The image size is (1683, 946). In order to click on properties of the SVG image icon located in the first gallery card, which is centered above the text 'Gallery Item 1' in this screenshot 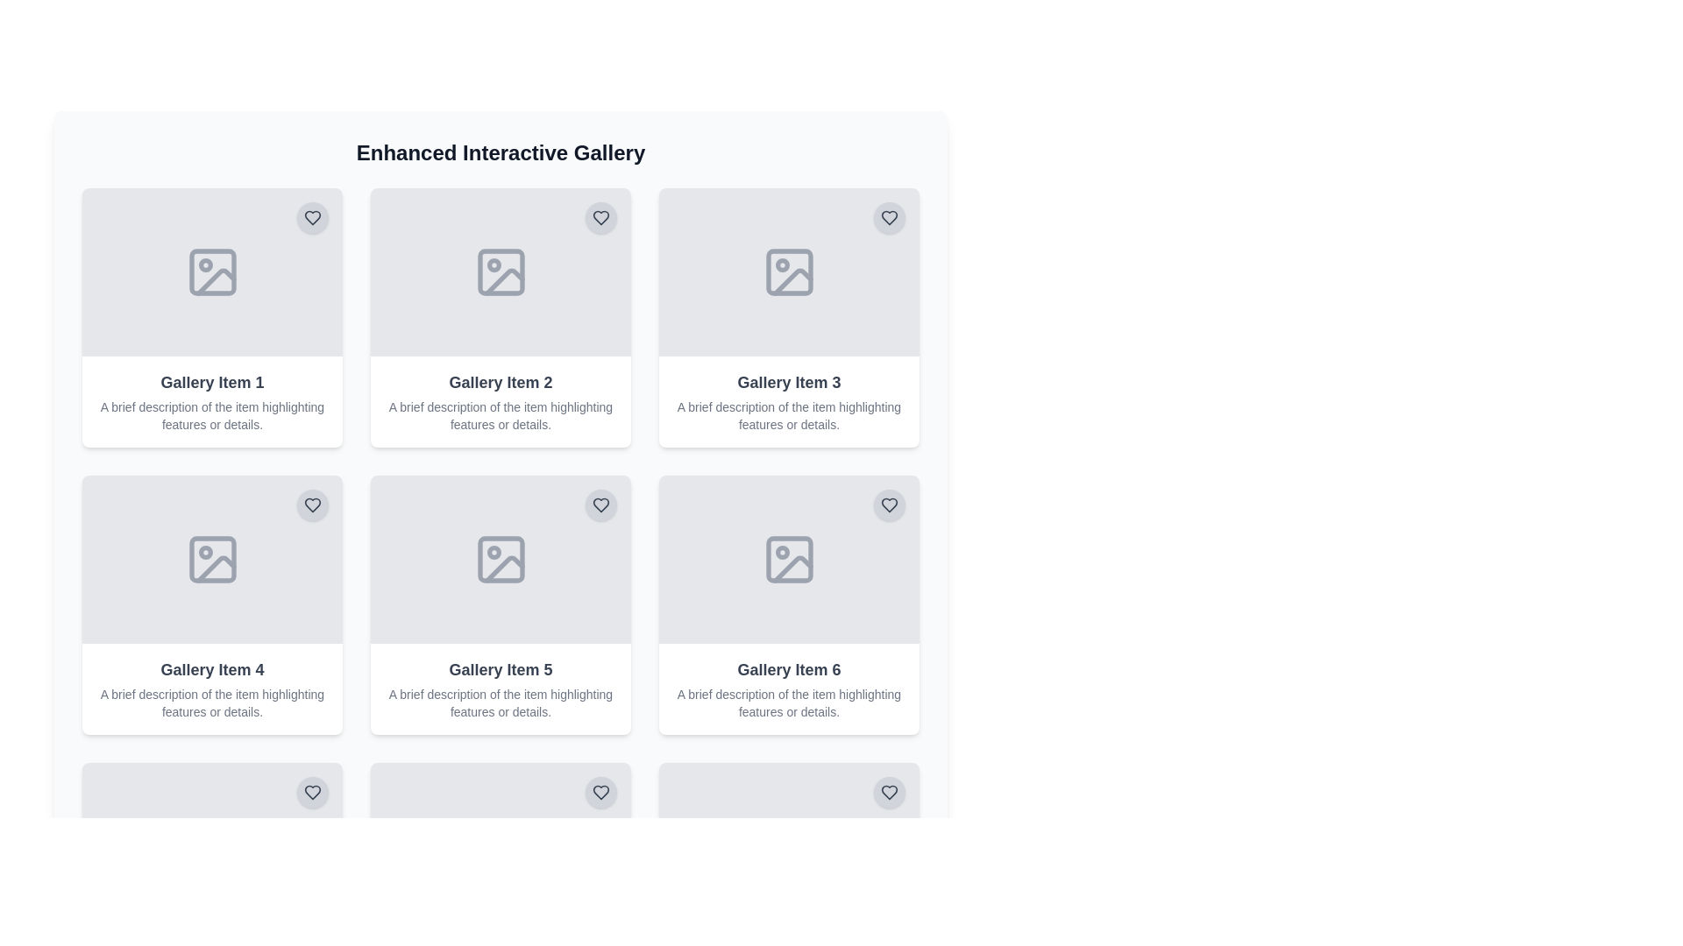, I will do `click(211, 272)`.